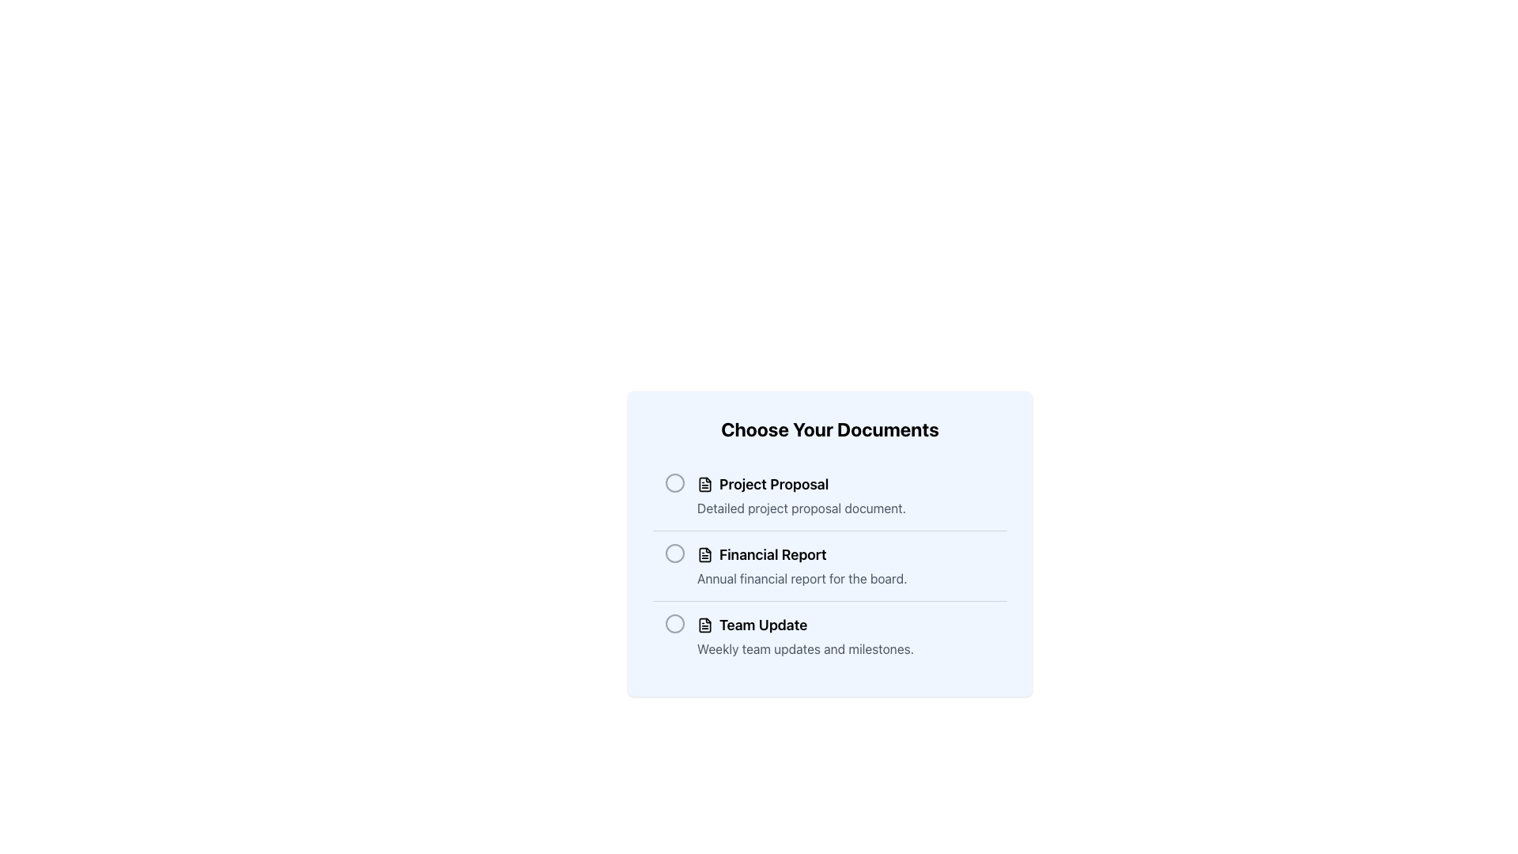 The image size is (1518, 854). What do you see at coordinates (675, 623) in the screenshot?
I see `the first radio button` at bounding box center [675, 623].